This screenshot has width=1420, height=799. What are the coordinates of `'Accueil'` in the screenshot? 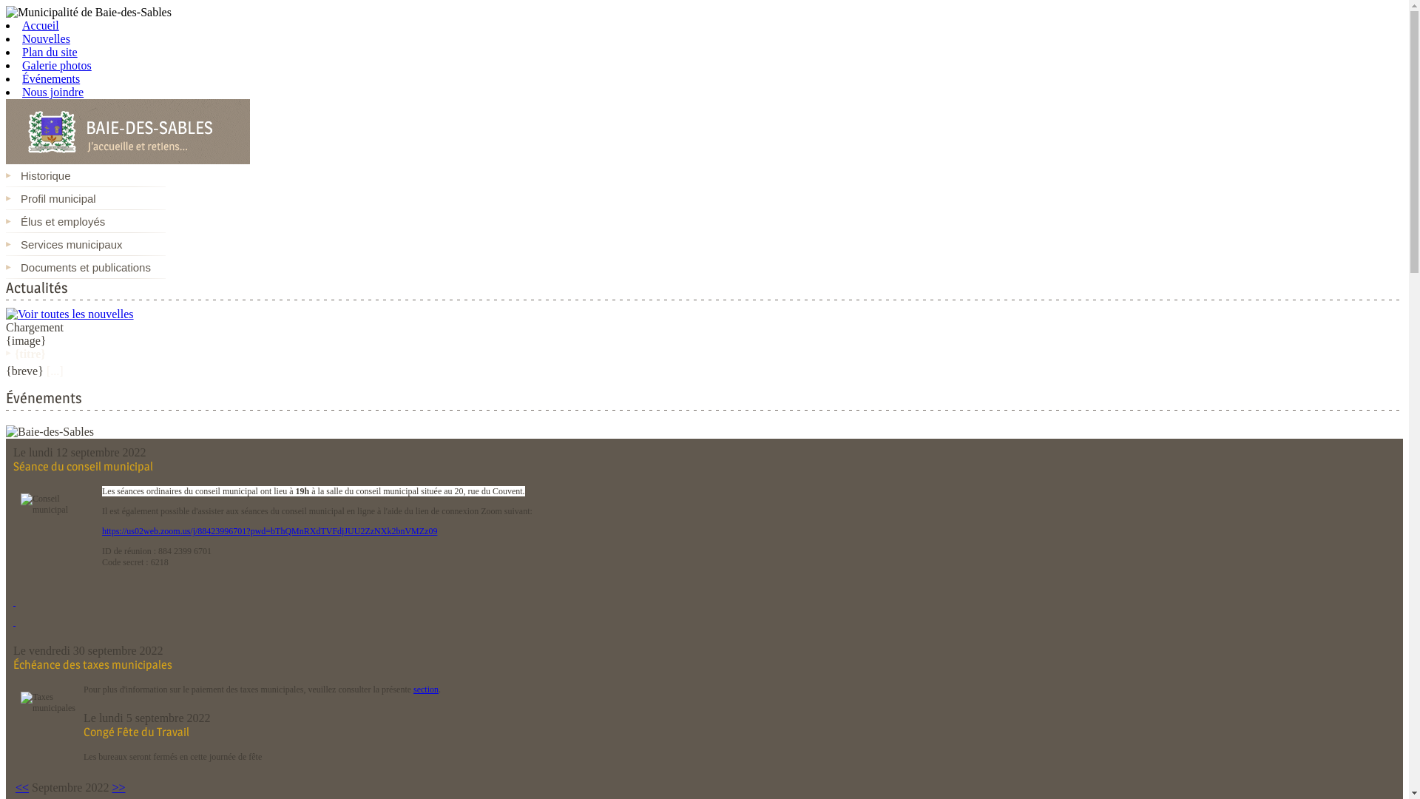 It's located at (40, 25).